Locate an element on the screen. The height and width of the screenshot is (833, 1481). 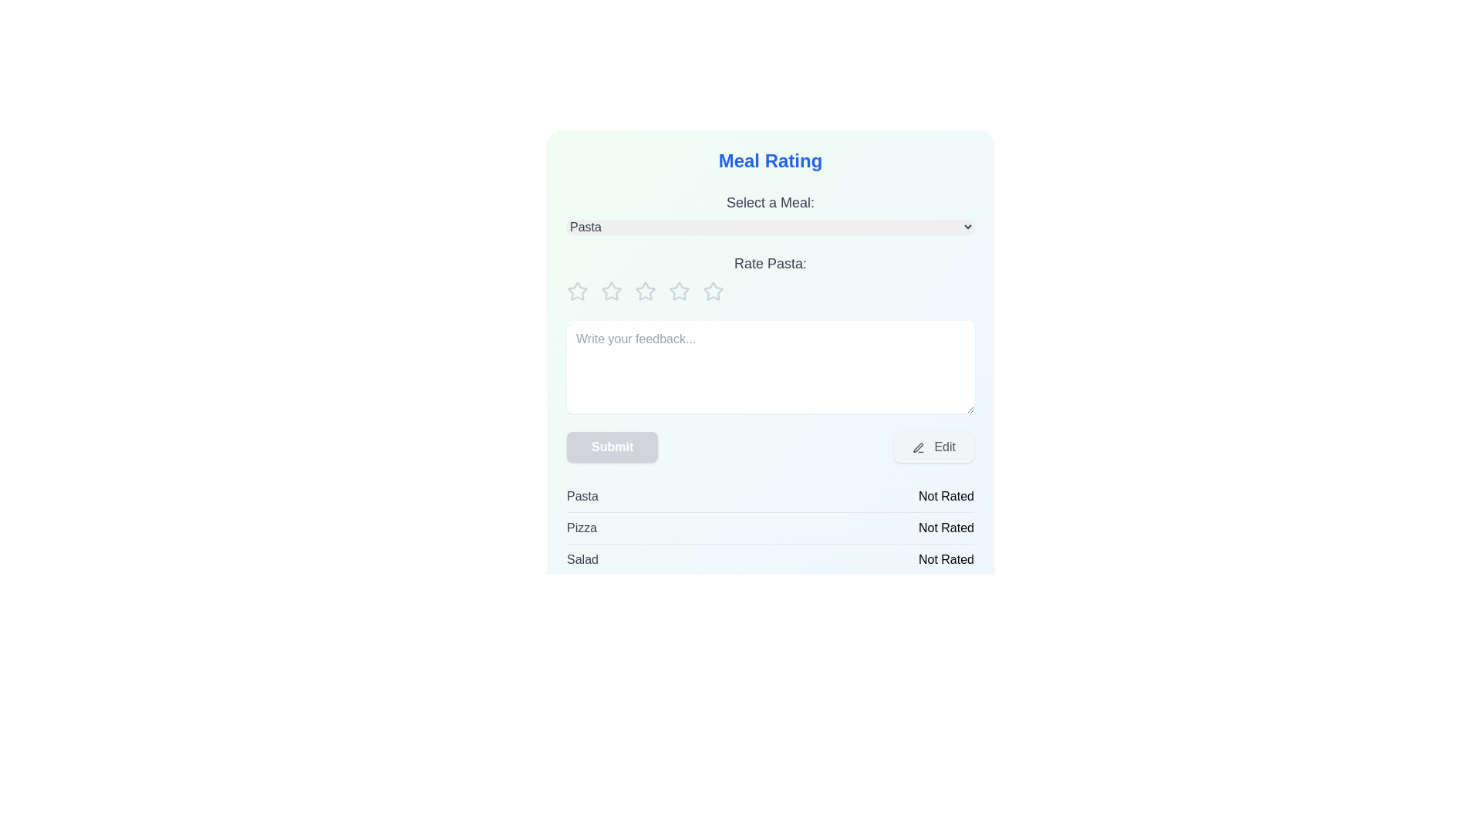
the text label identifying the food item 'Pizza' within the list of meal options is located at coordinates (581, 528).